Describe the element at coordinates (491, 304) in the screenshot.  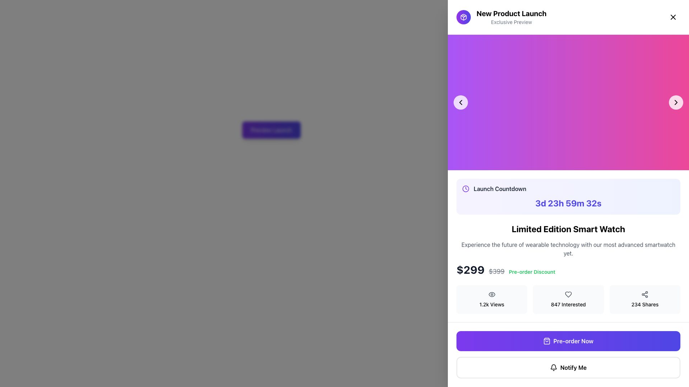
I see `displayed text from the total views label located in the right panel below the product price section, which is part of a group with a circular eye icon above it` at that location.